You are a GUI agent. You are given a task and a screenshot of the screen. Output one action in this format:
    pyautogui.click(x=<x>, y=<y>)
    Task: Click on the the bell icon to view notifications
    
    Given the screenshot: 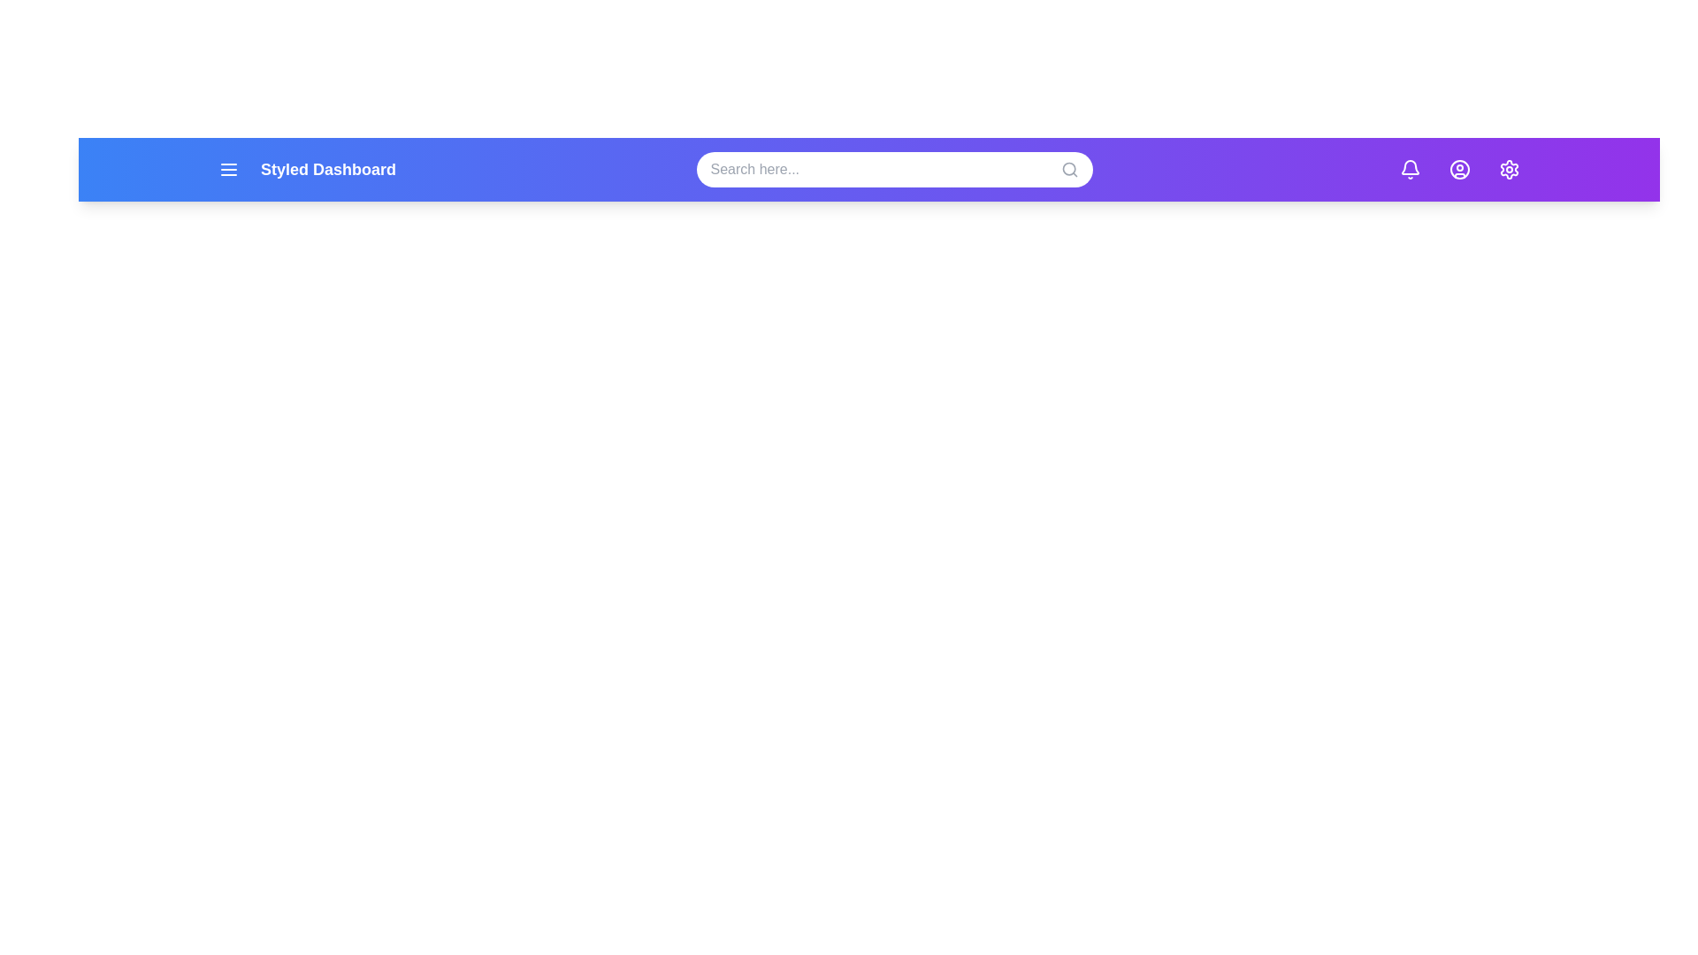 What is the action you would take?
    pyautogui.click(x=1409, y=170)
    